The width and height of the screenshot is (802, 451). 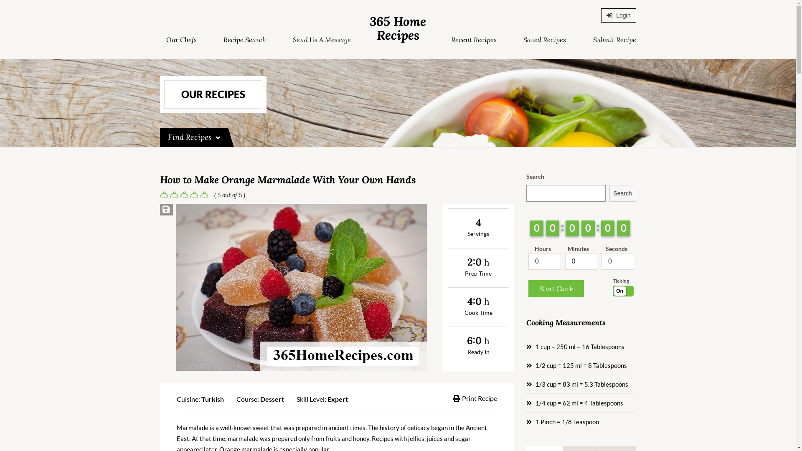 What do you see at coordinates (212, 398) in the screenshot?
I see `'Turkish'` at bounding box center [212, 398].